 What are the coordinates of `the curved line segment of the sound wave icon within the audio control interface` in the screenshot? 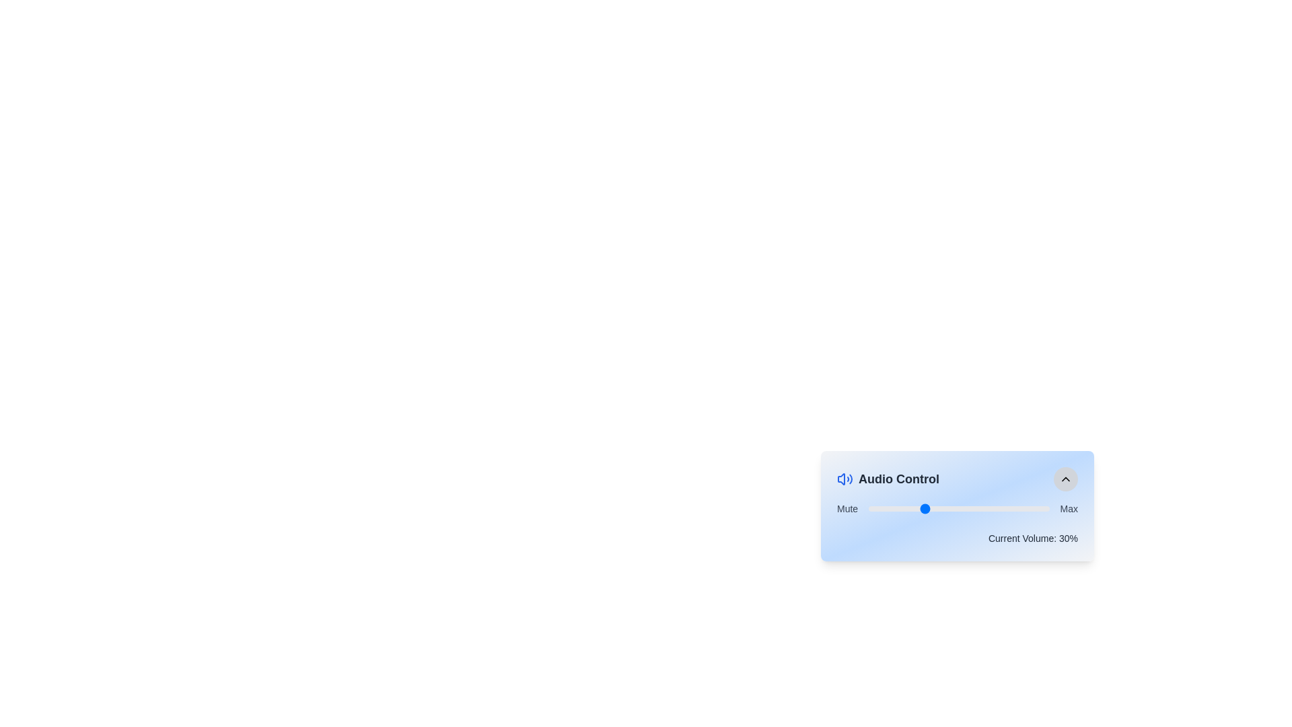 It's located at (850, 479).